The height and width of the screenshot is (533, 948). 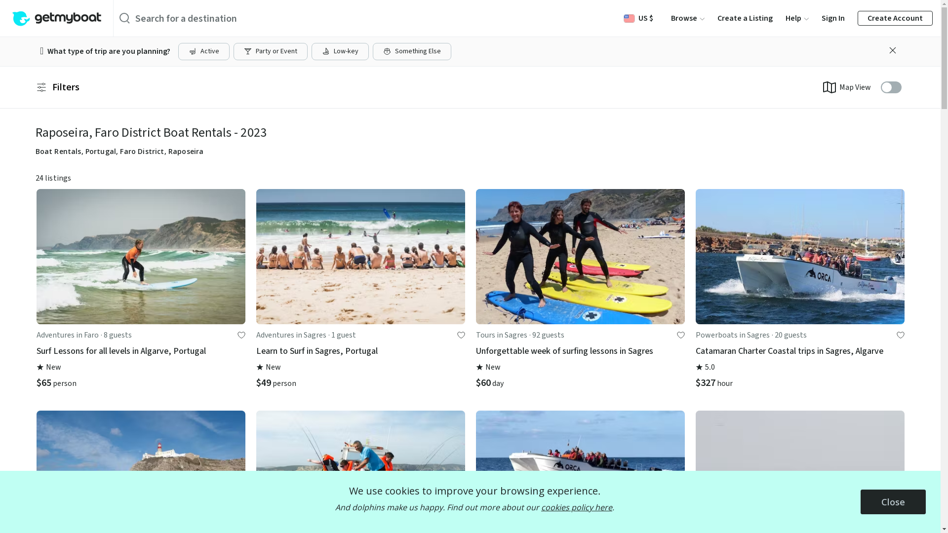 What do you see at coordinates (57, 87) in the screenshot?
I see `'Filters'` at bounding box center [57, 87].